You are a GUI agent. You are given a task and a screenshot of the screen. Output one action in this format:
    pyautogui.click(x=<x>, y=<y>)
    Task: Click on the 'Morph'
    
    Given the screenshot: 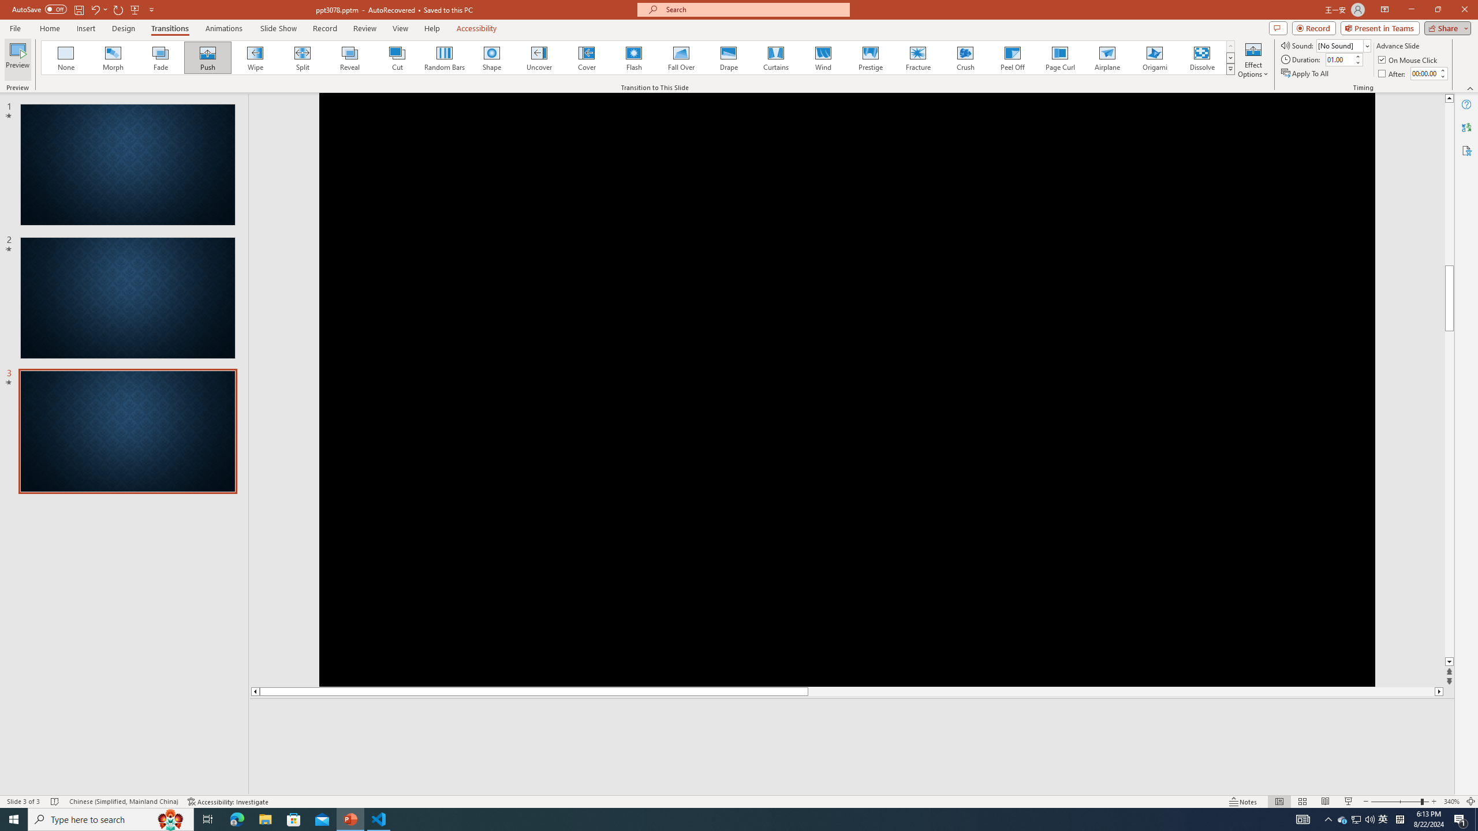 What is the action you would take?
    pyautogui.click(x=113, y=57)
    